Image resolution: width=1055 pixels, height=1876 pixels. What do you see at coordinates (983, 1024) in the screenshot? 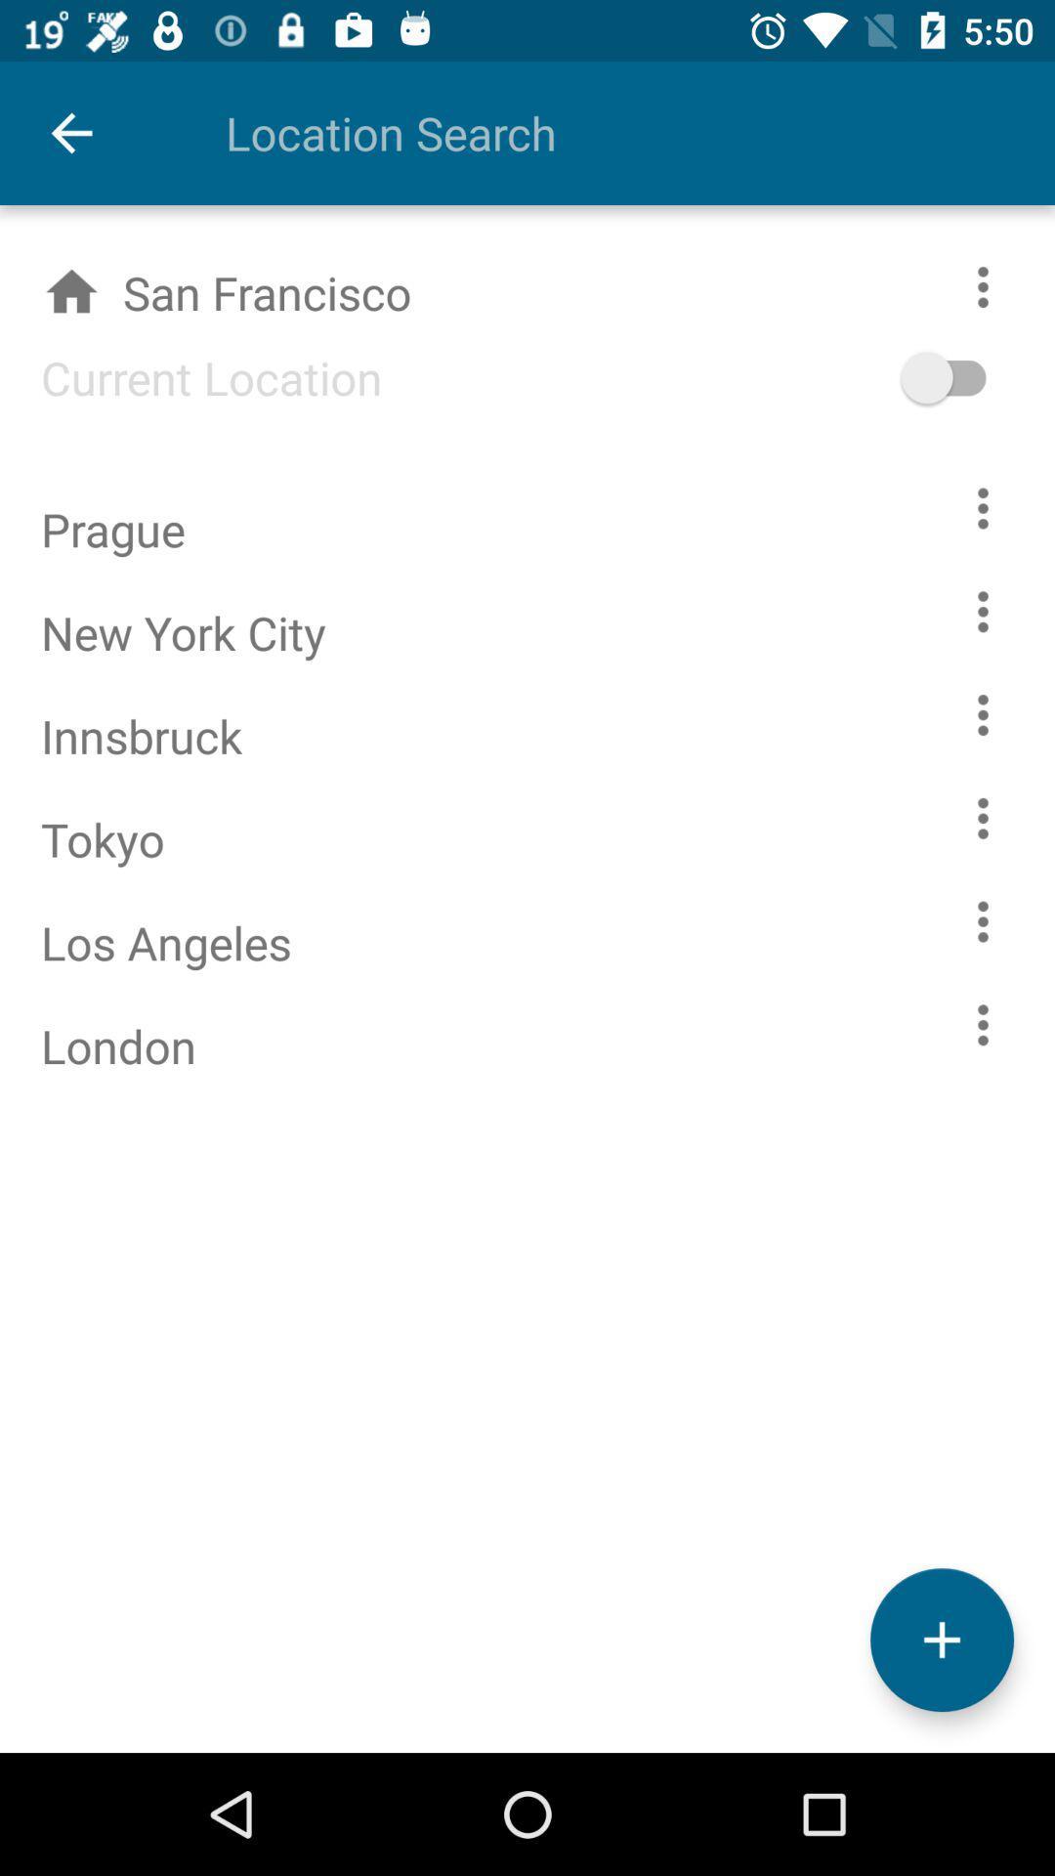
I see `customize location` at bounding box center [983, 1024].